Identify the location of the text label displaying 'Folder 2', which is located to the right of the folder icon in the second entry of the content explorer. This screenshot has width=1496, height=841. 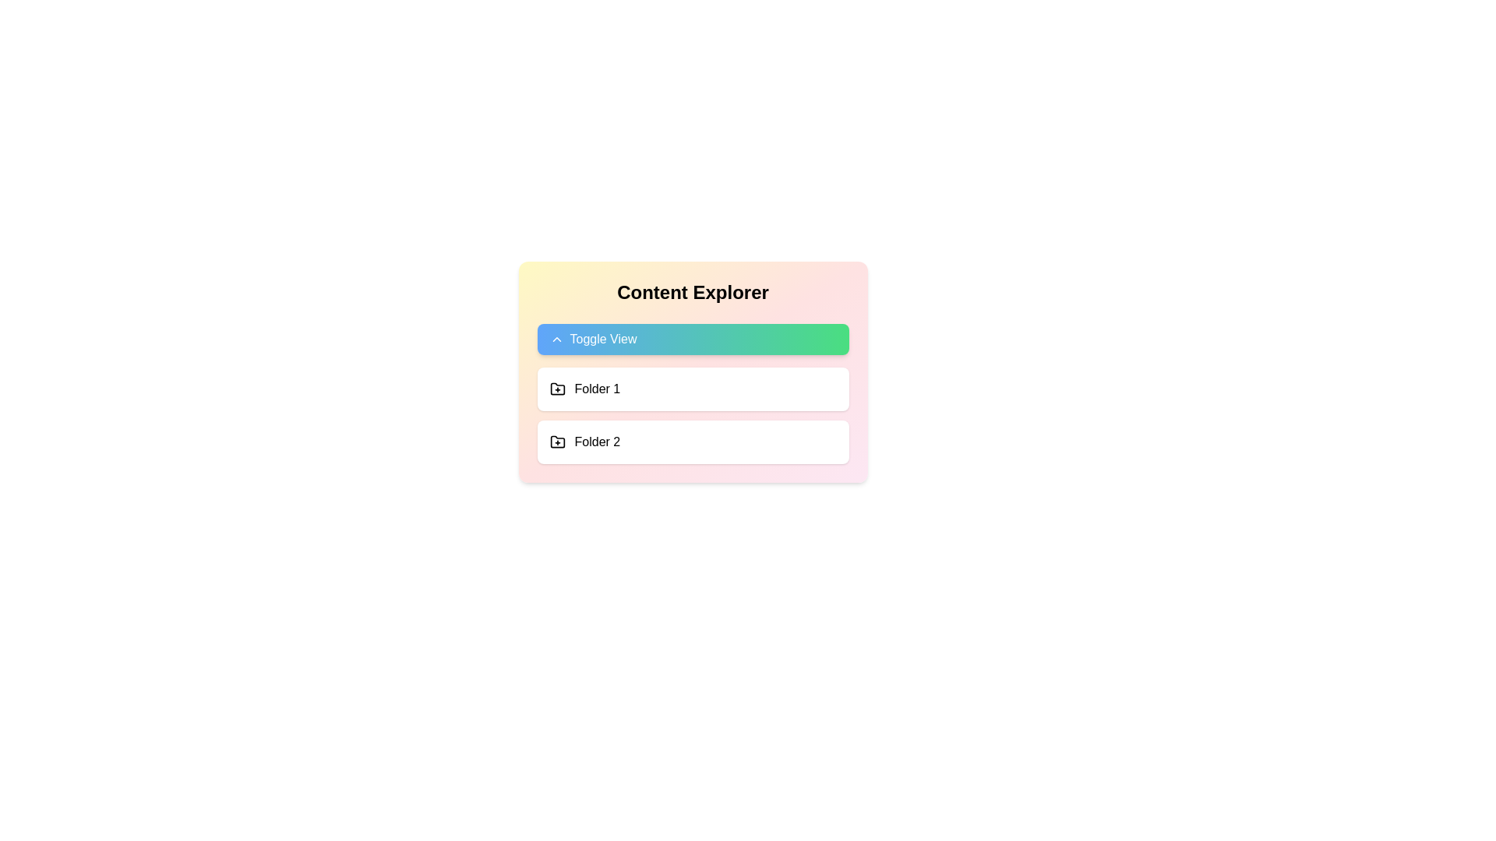
(596, 442).